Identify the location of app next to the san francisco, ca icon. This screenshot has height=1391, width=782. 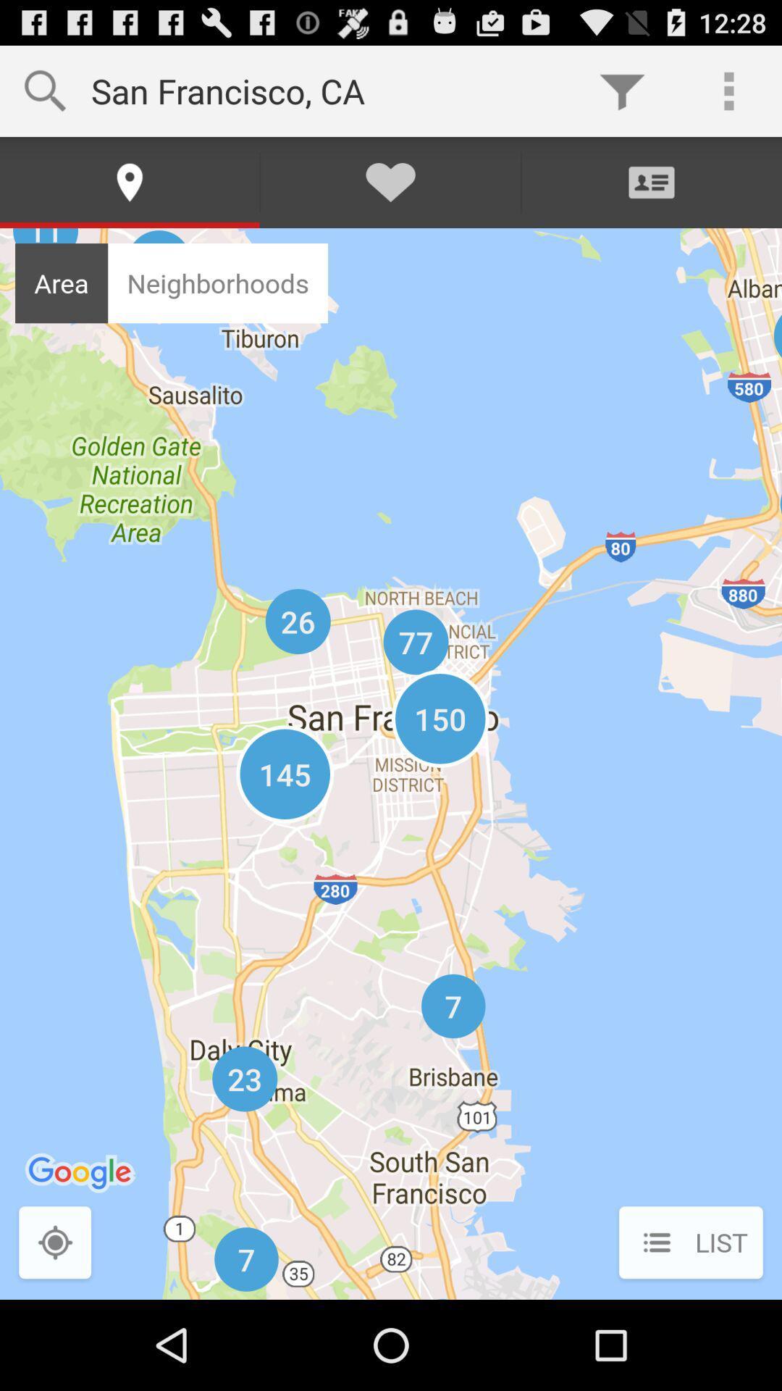
(621, 90).